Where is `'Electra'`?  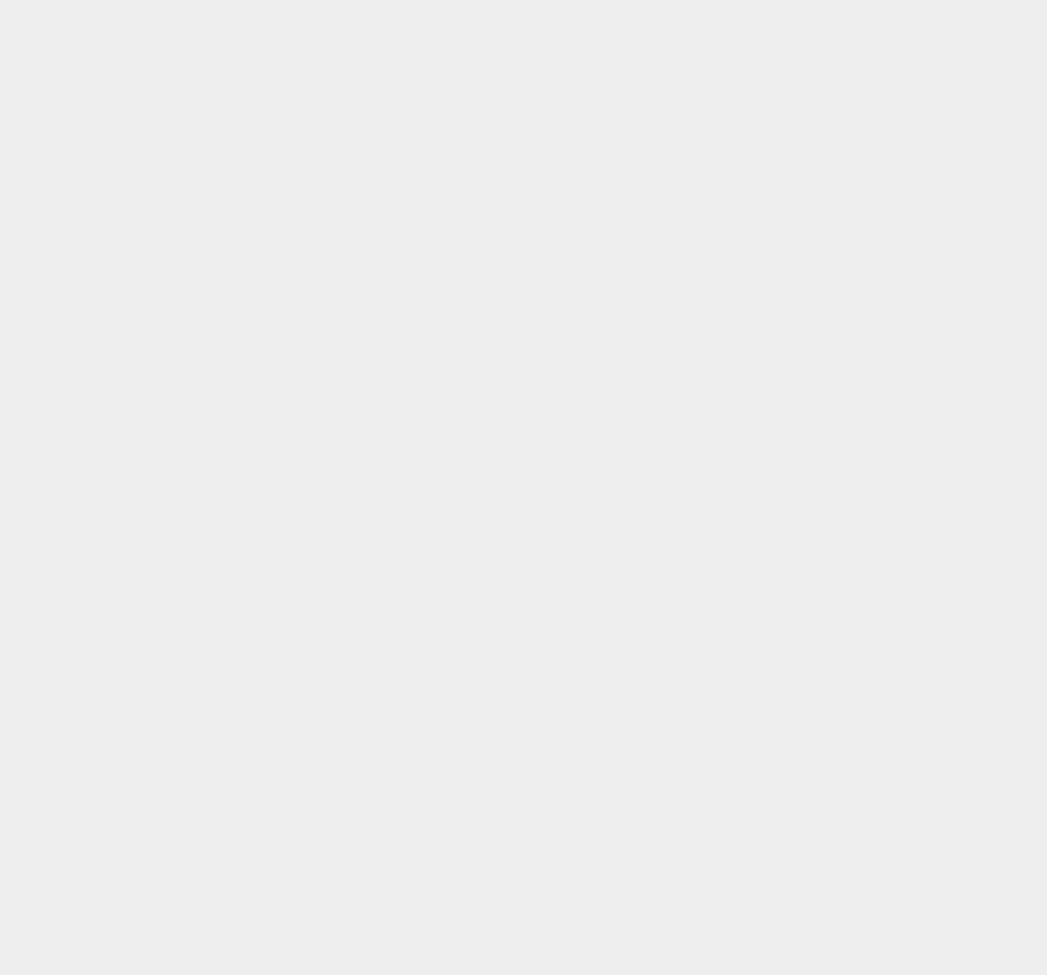
'Electra' is located at coordinates (739, 733).